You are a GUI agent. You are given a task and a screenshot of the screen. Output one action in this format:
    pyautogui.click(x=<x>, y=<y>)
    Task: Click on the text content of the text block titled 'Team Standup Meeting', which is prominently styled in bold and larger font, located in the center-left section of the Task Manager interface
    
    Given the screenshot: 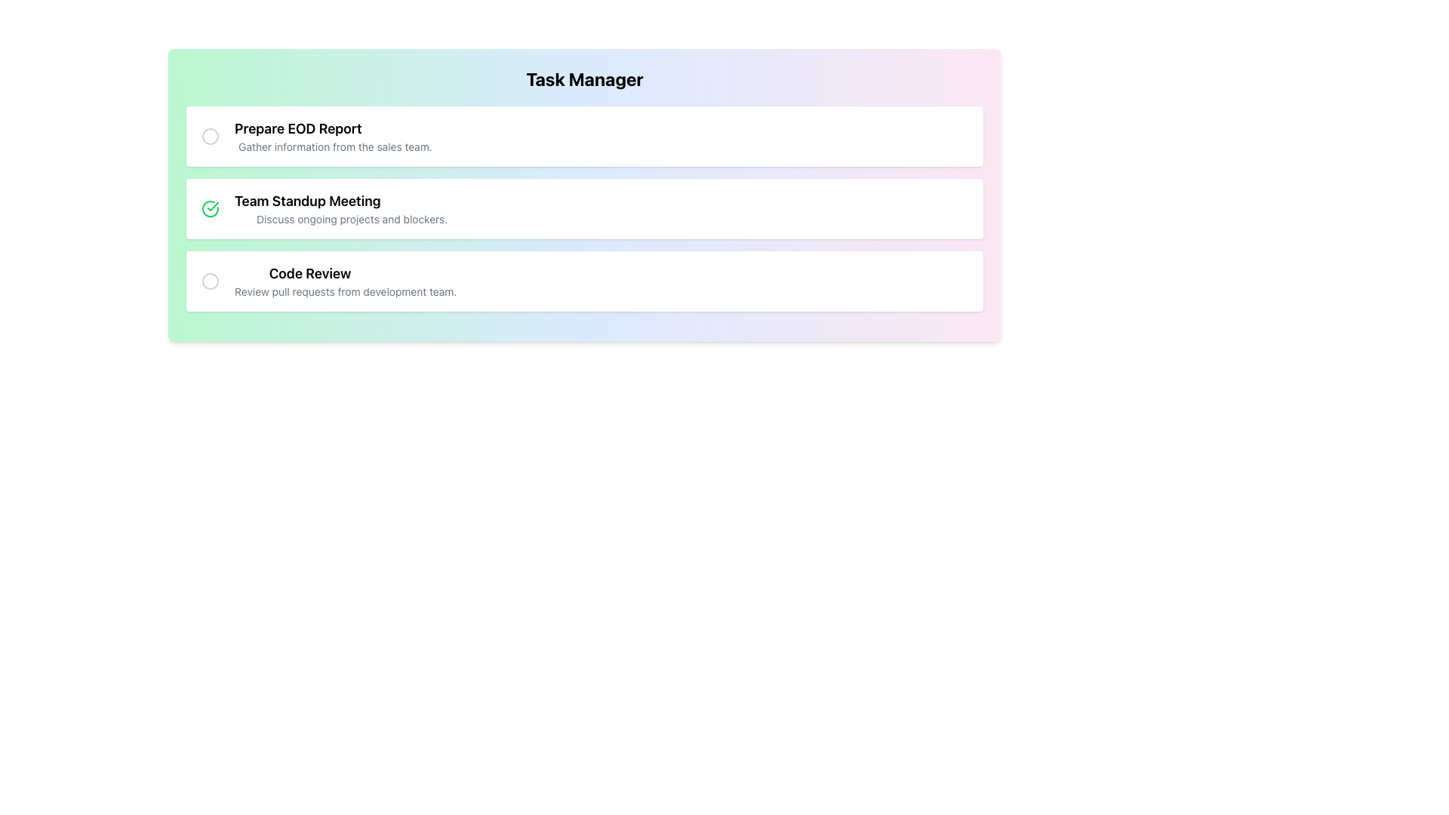 What is the action you would take?
    pyautogui.click(x=351, y=200)
    